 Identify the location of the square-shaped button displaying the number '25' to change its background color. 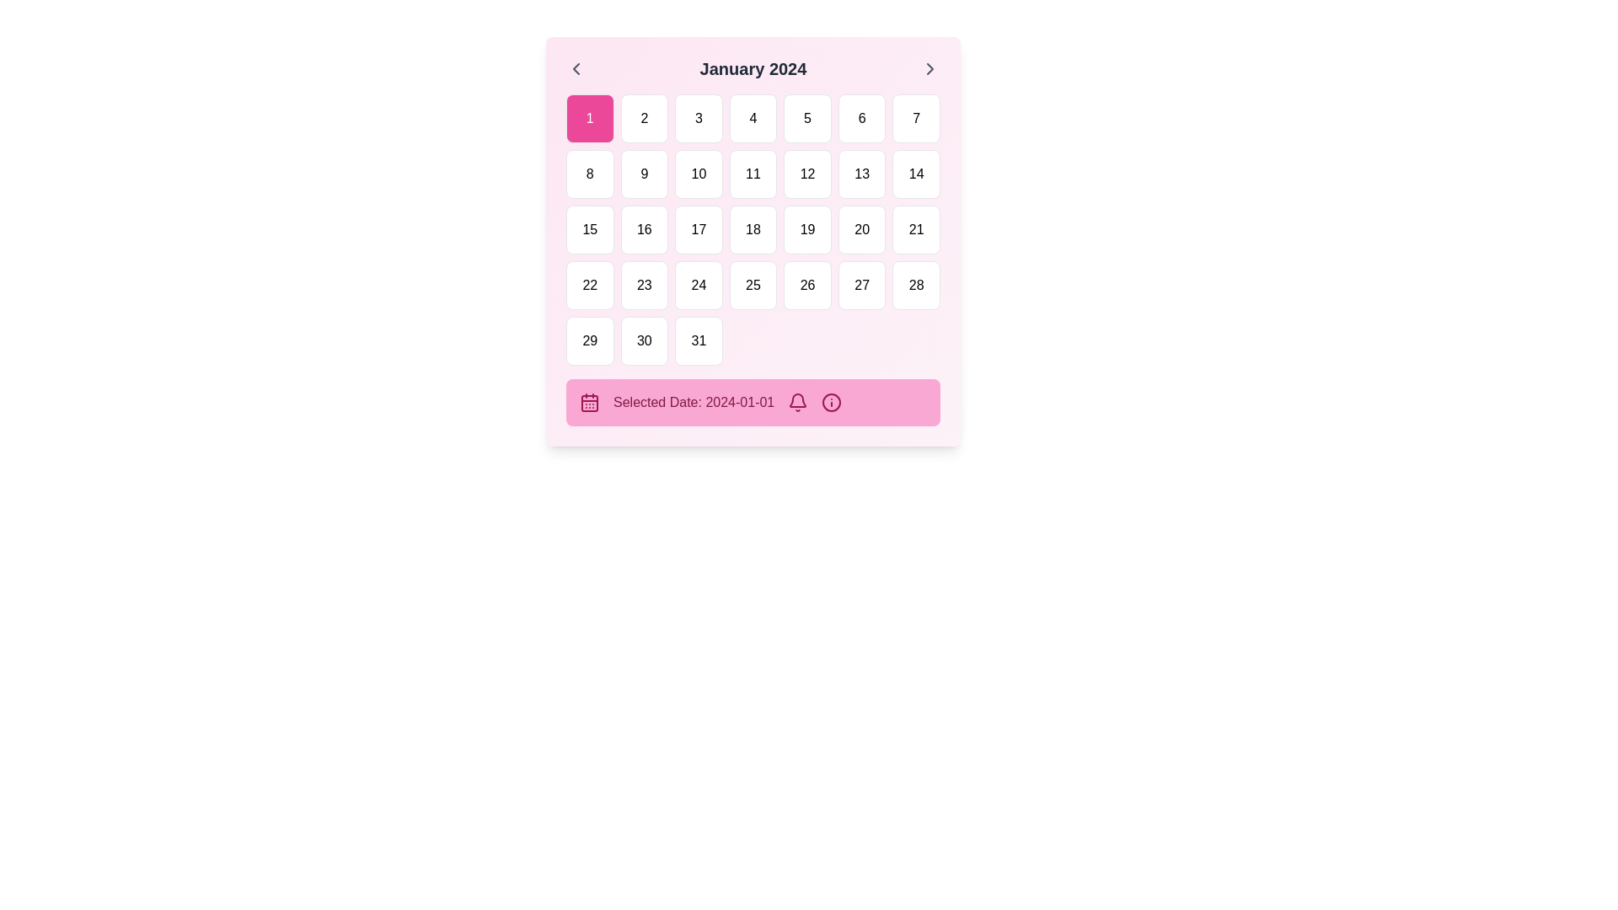
(752, 285).